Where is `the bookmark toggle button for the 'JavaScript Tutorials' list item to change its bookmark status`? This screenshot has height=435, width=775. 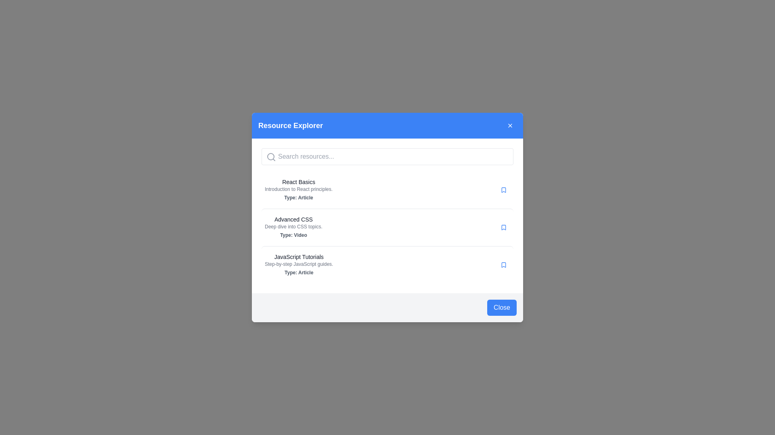
the bookmark toggle button for the 'JavaScript Tutorials' list item to change its bookmark status is located at coordinates (503, 265).